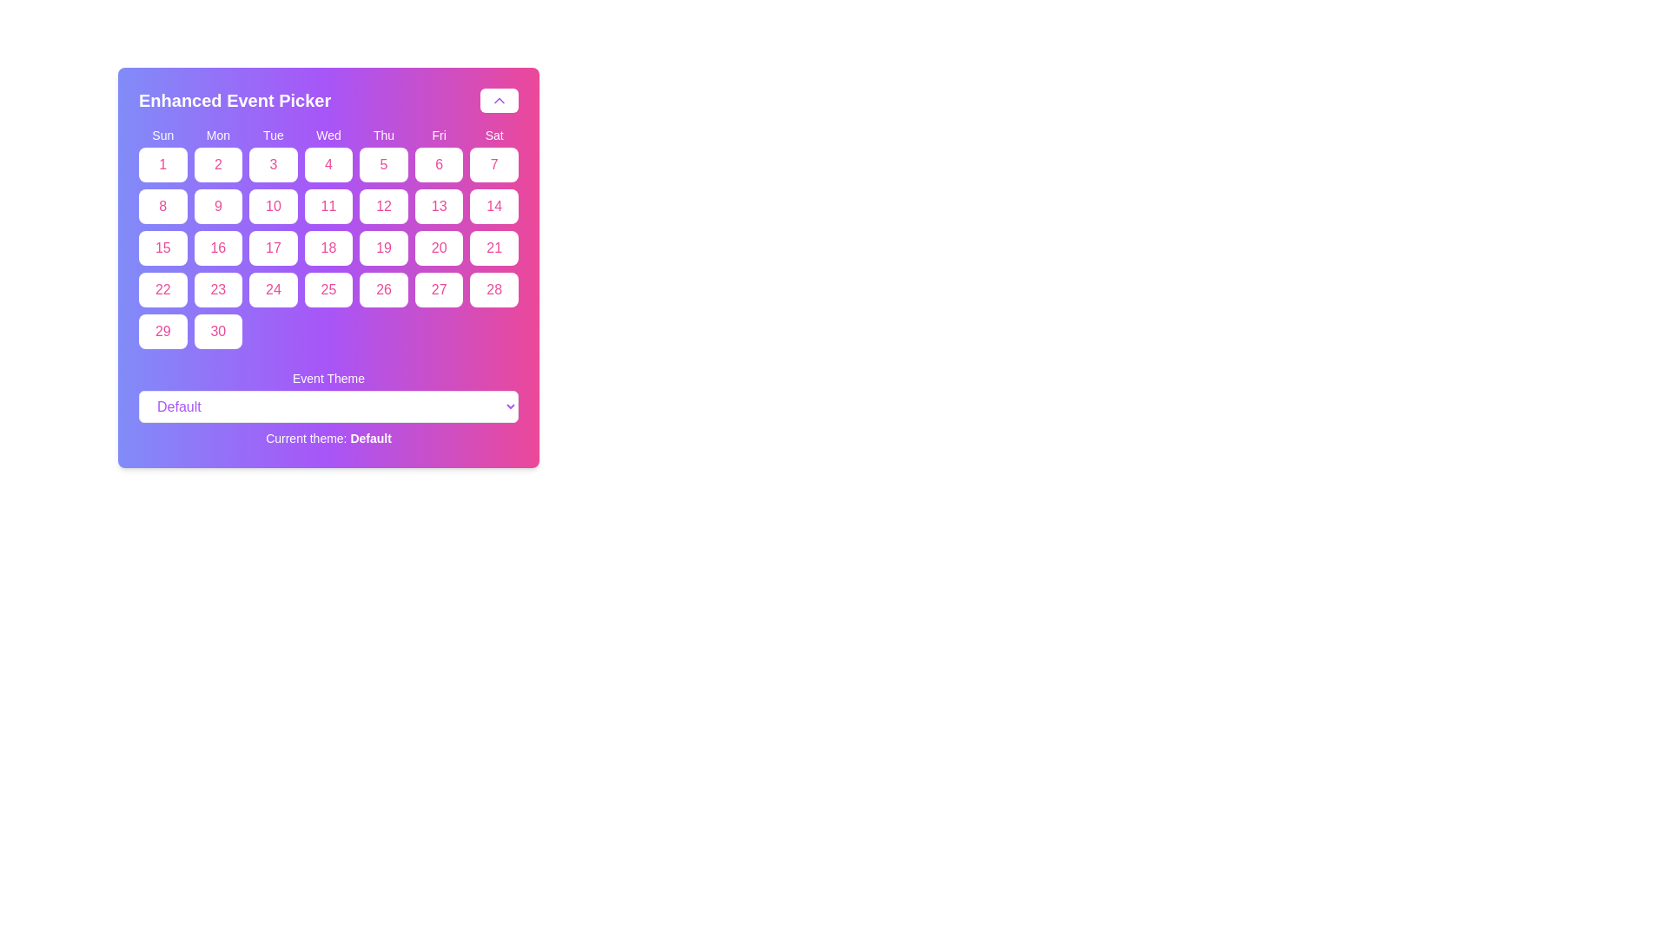 This screenshot has width=1668, height=938. What do you see at coordinates (382, 206) in the screenshot?
I see `the Interactive button in the calendar interface` at bounding box center [382, 206].